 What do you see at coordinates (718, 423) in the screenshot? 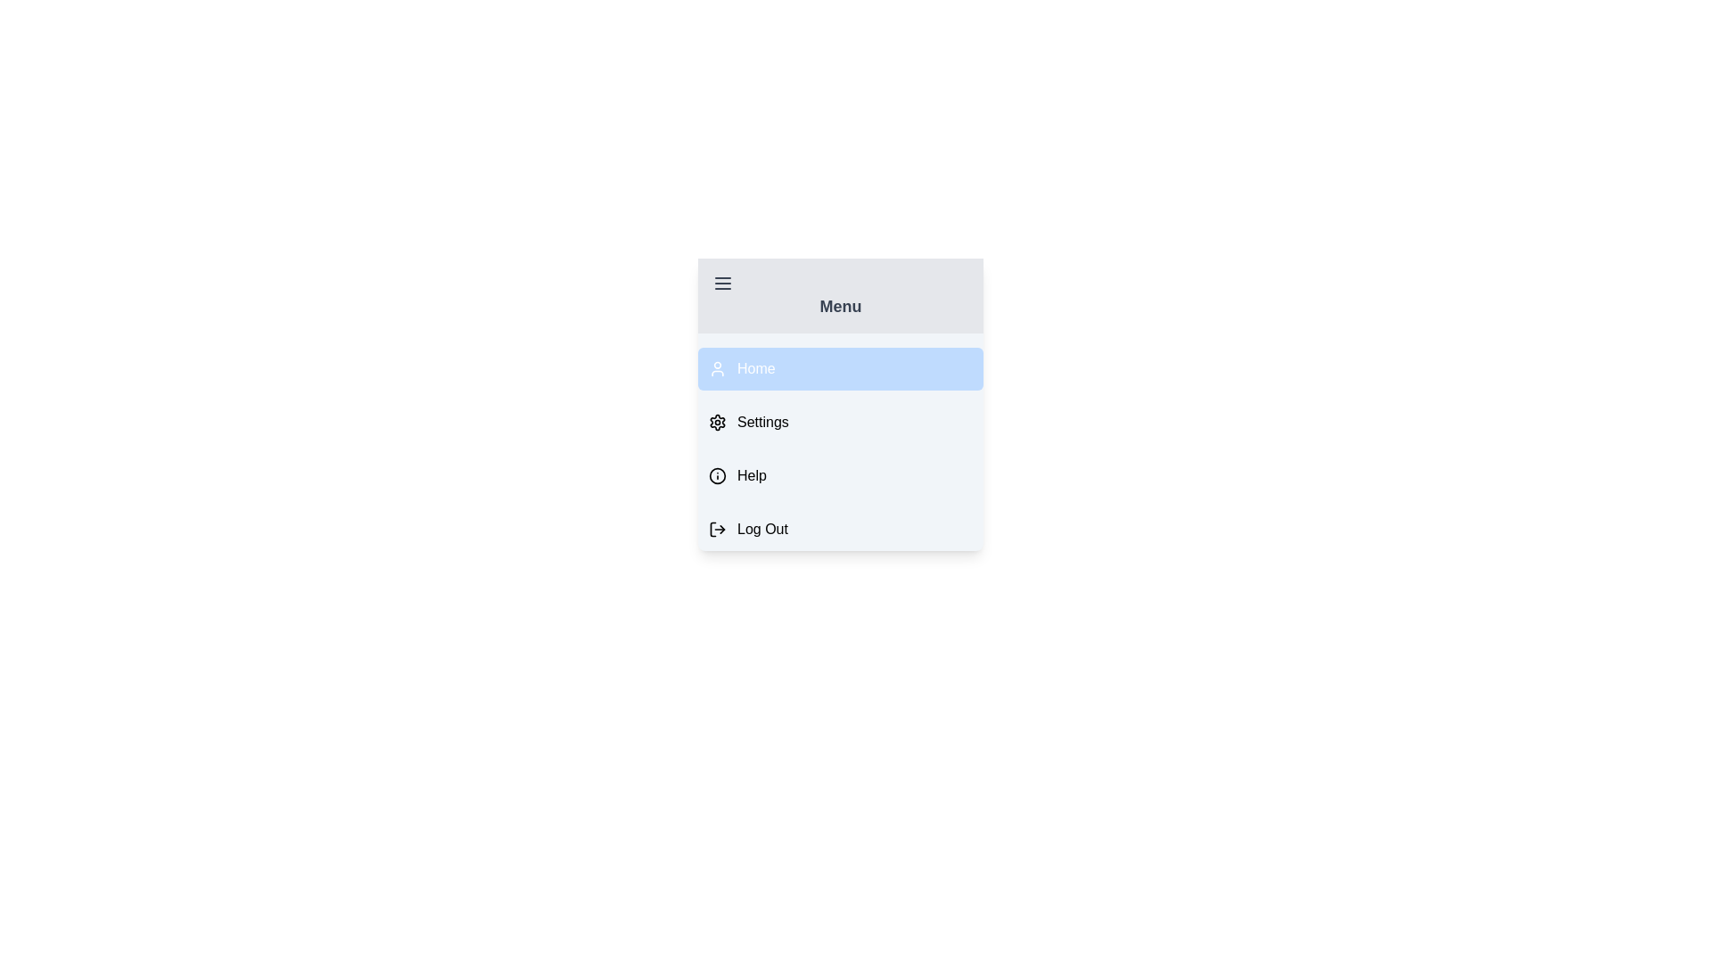
I see `the icon of the menu item labeled Settings to inspect it` at bounding box center [718, 423].